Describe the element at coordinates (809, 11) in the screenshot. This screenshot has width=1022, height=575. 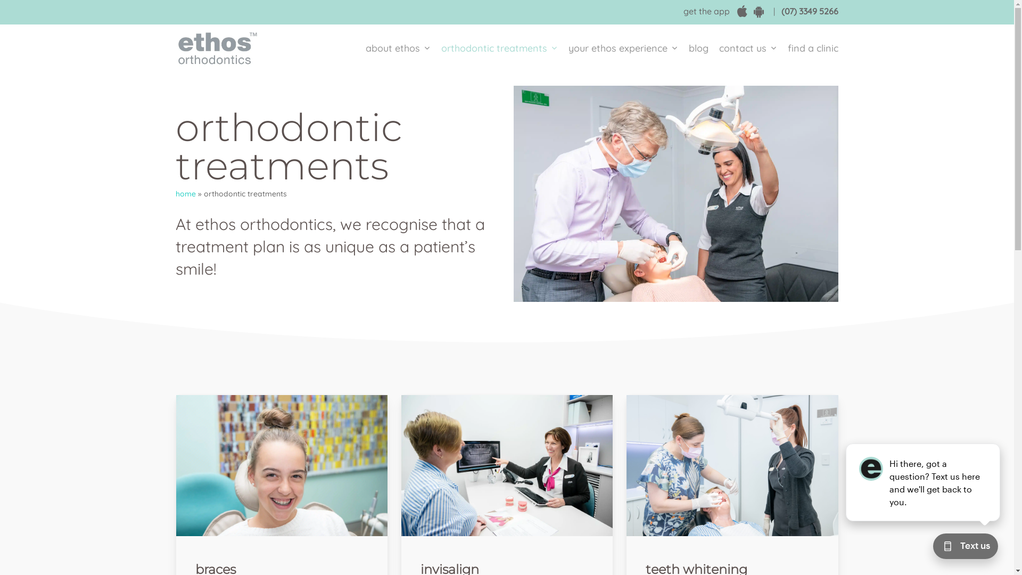
I see `'(07) 3349 5266'` at that location.